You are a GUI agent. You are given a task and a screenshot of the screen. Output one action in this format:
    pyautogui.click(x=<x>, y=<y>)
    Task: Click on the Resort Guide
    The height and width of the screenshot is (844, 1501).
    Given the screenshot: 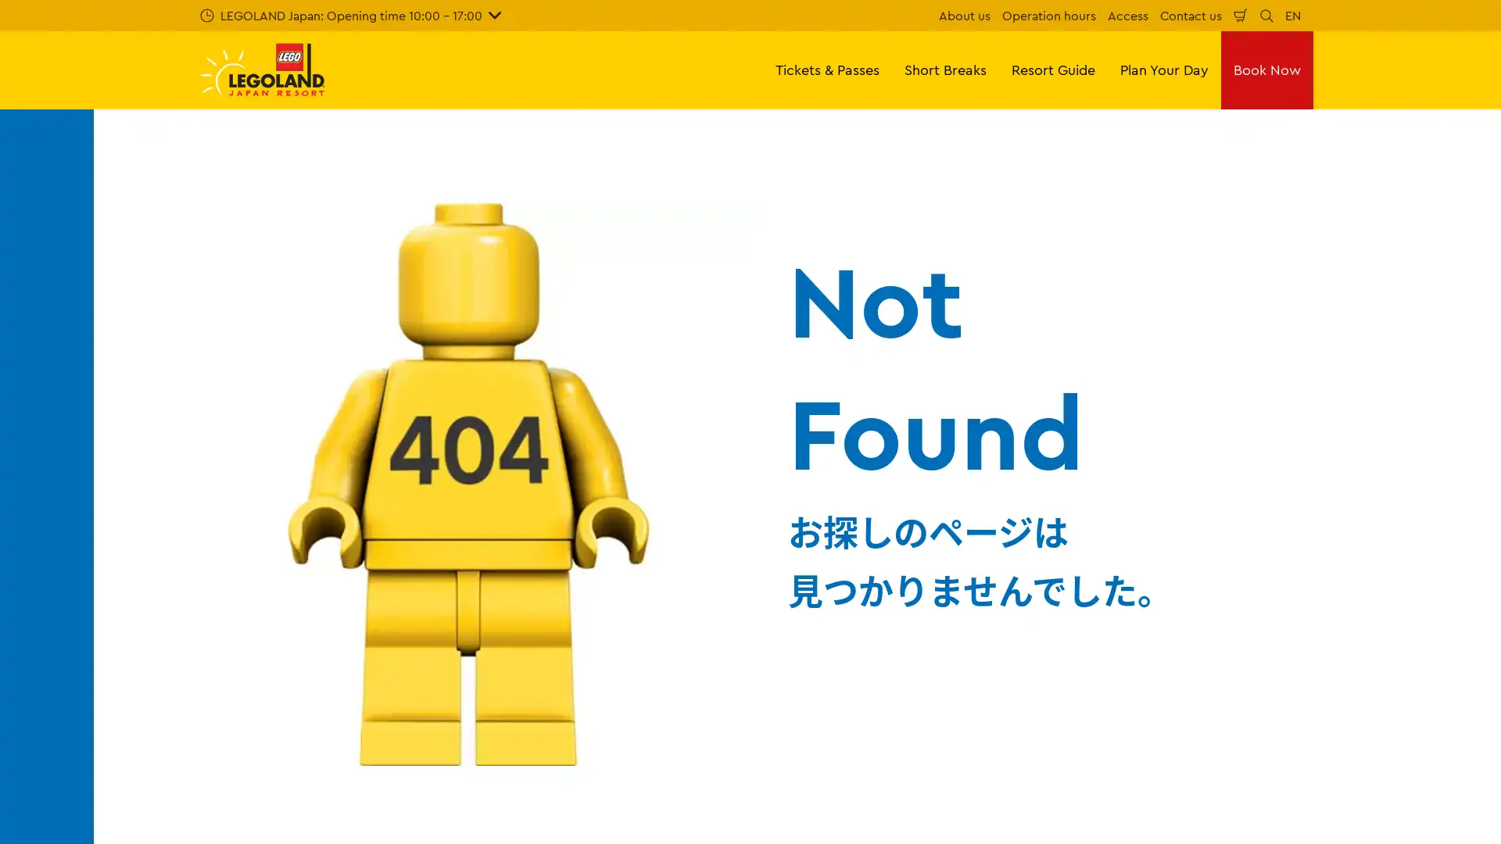 What is the action you would take?
    pyautogui.click(x=1053, y=69)
    